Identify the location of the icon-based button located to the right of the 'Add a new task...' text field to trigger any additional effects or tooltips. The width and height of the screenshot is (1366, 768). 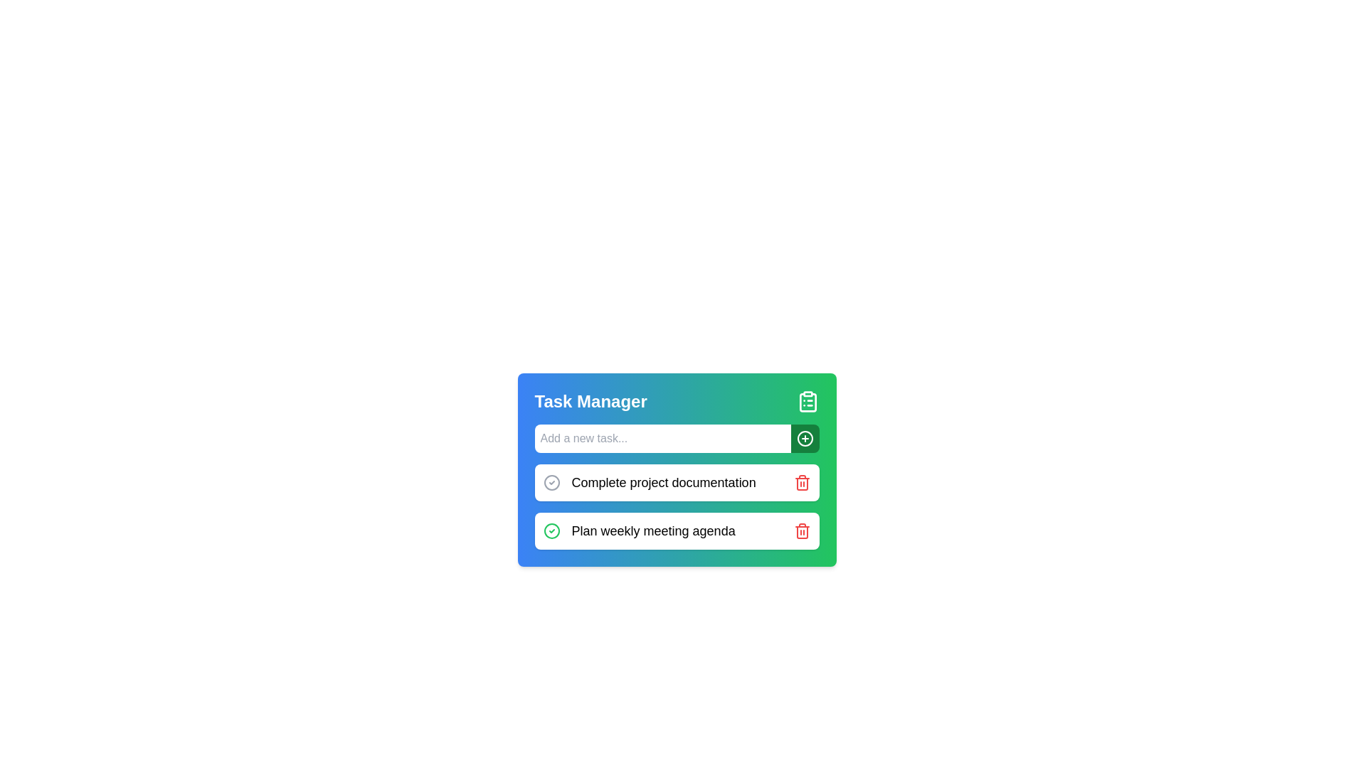
(805, 438).